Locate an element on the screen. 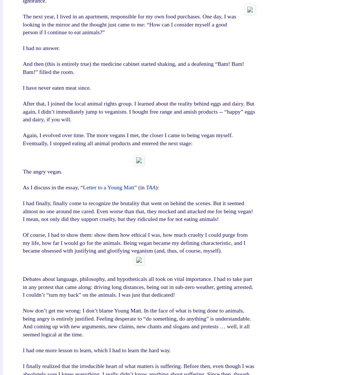 This screenshot has width=356, height=375. 'I had one more lesson to learn, which I had to learn the hard way.' is located at coordinates (22, 350).